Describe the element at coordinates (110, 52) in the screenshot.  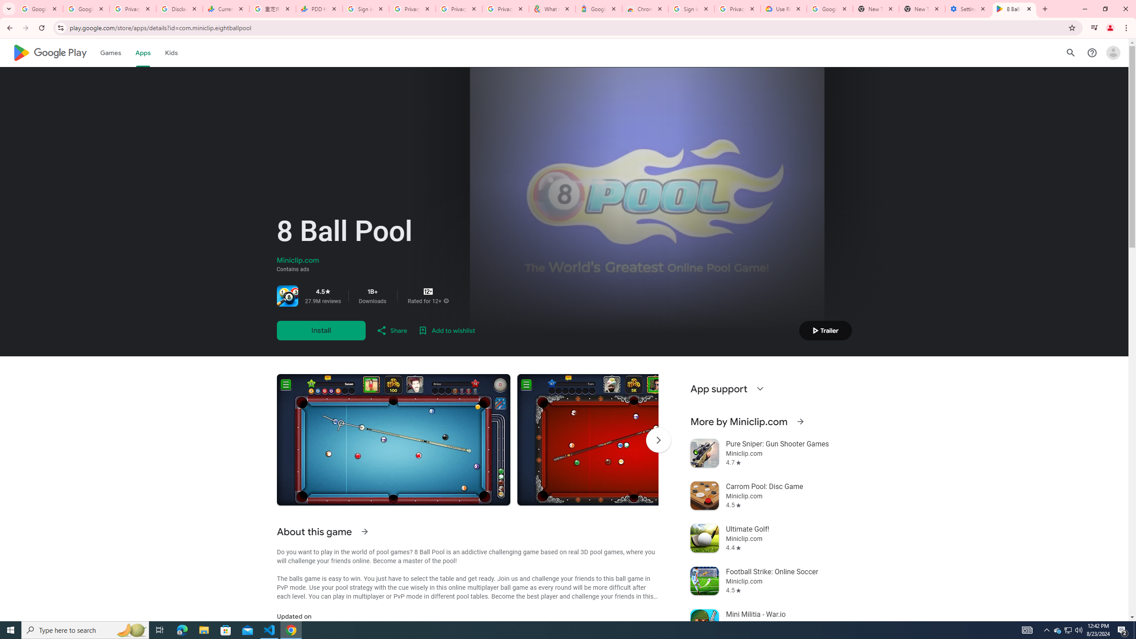
I see `'Games'` at that location.